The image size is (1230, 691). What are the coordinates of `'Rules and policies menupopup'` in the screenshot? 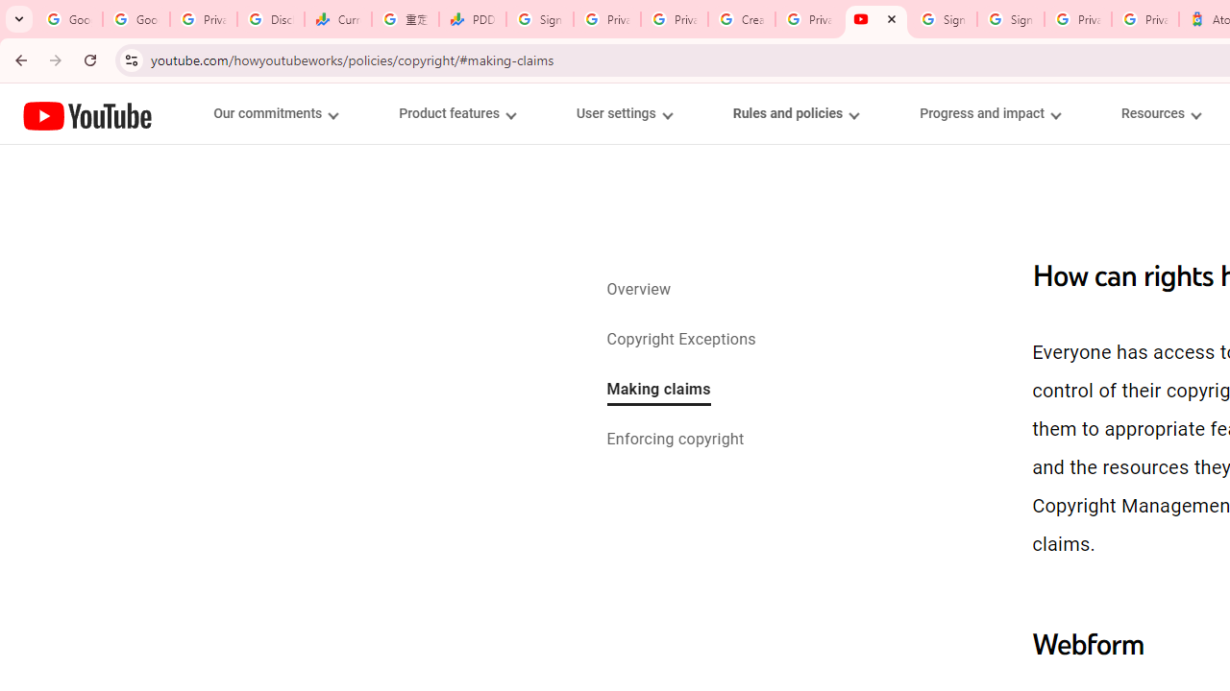 It's located at (795, 113).